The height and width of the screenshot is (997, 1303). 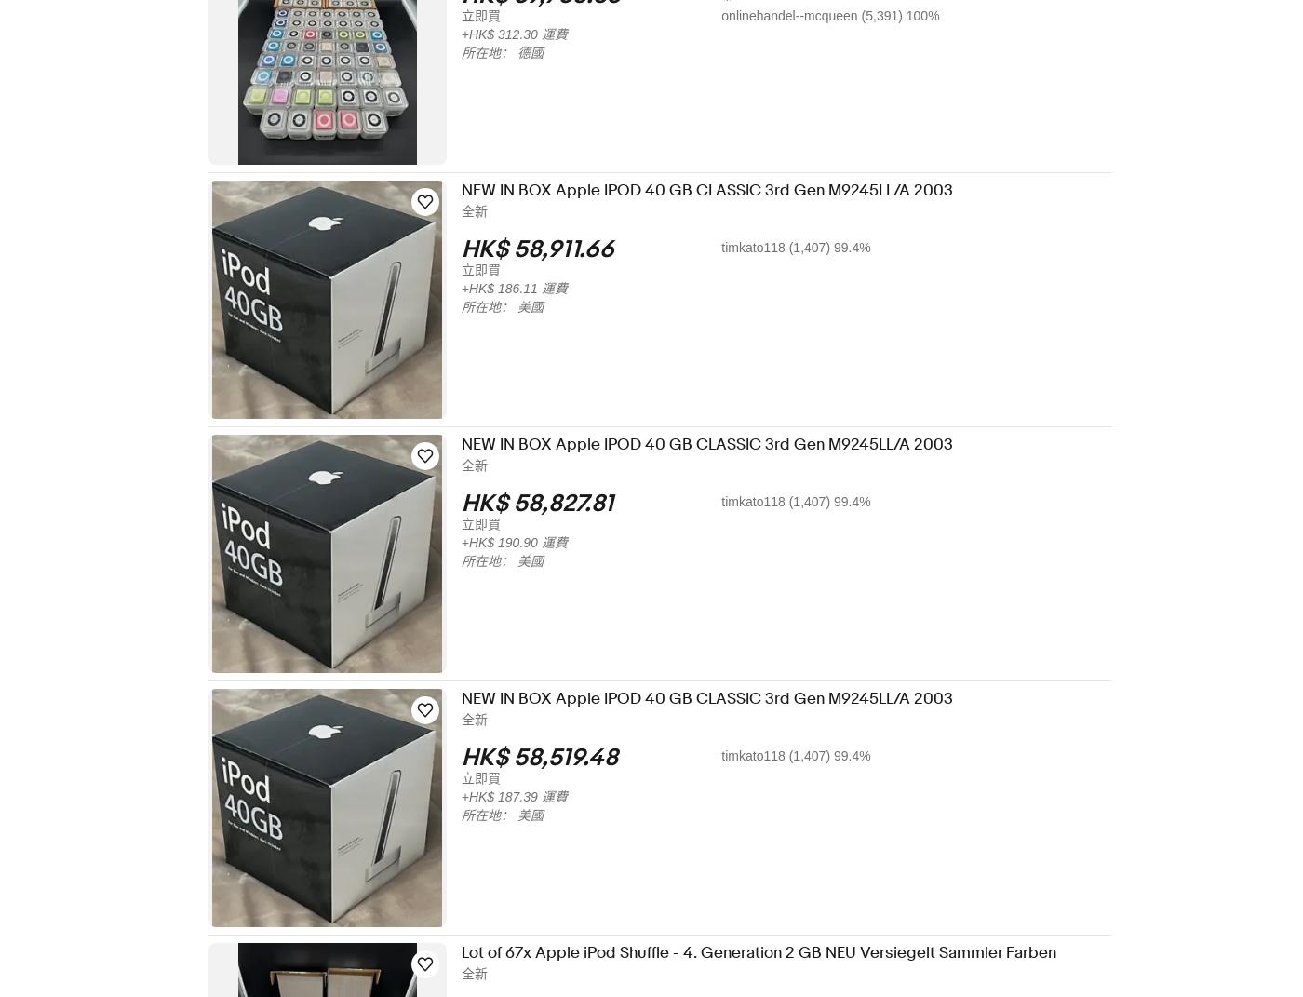 What do you see at coordinates (733, 15) in the screenshot?
I see `'onlinehandel--mcqueen (5,391) 100%'` at bounding box center [733, 15].